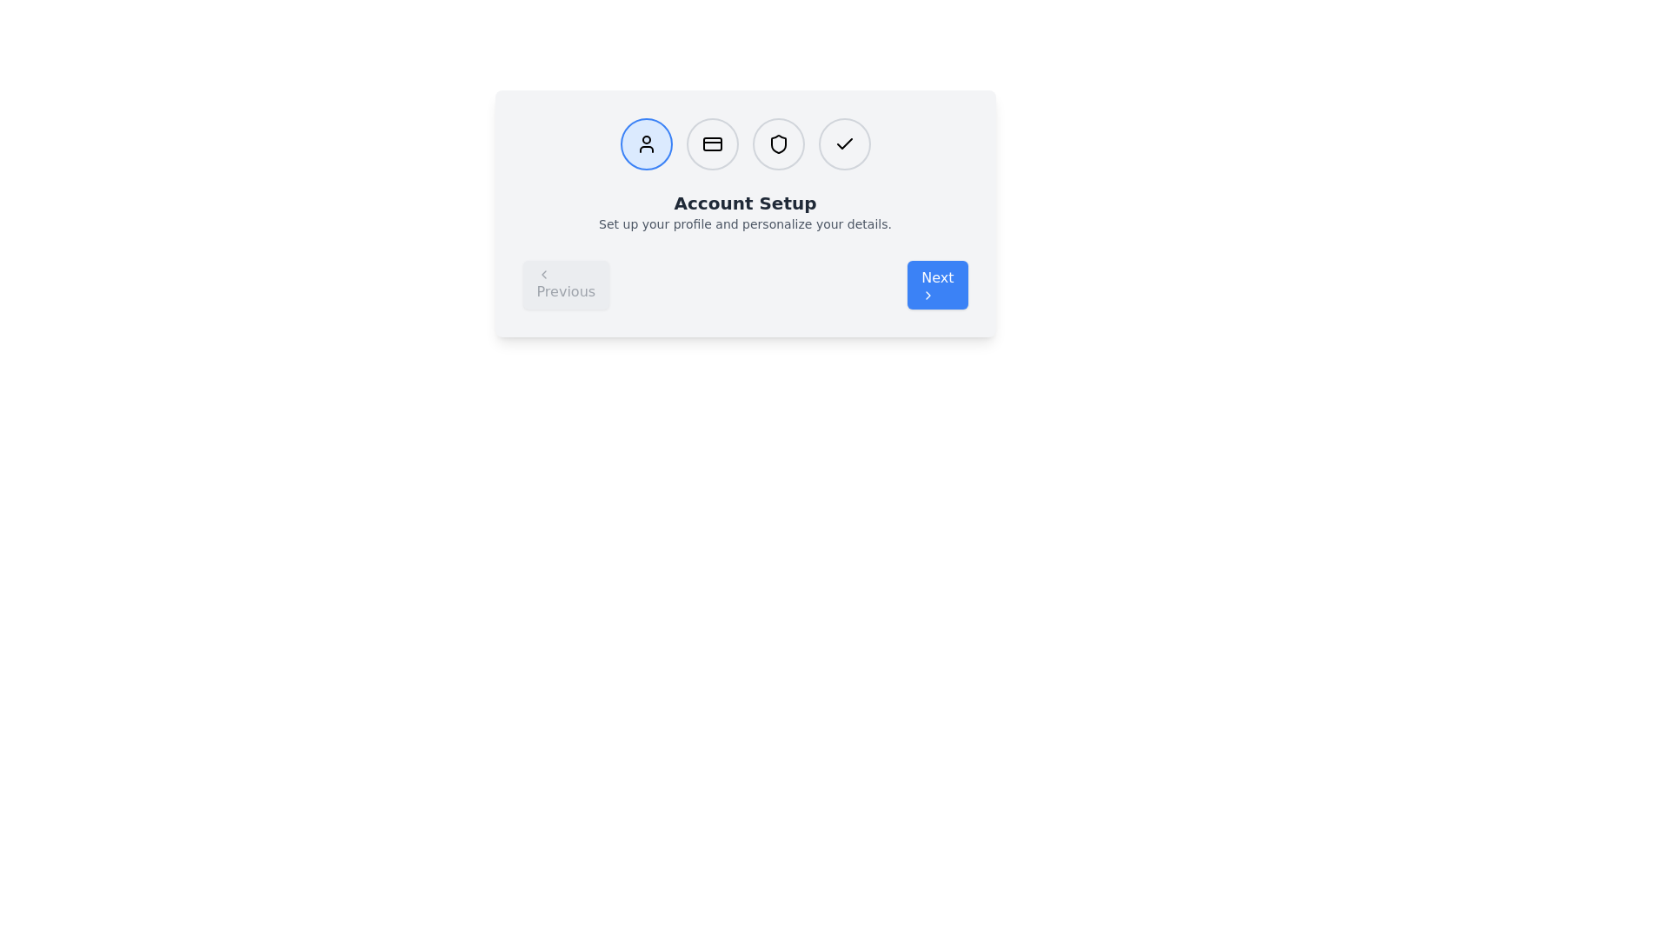 Image resolution: width=1669 pixels, height=939 pixels. I want to click on the second button in the horizontal sequence of four buttons, which serves as a step indicator for payment or credit card setup, so click(712, 143).